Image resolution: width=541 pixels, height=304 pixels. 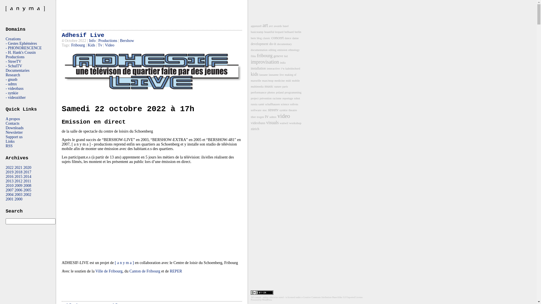 What do you see at coordinates (5, 199) in the screenshot?
I see `'2001'` at bounding box center [5, 199].